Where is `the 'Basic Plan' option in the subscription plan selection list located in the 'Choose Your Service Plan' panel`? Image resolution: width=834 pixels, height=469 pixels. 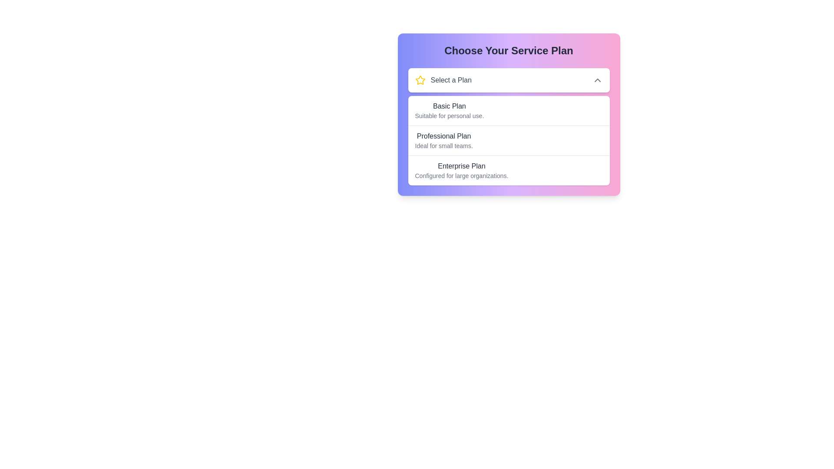 the 'Basic Plan' option in the subscription plan selection list located in the 'Choose Your Service Plan' panel is located at coordinates (509, 110).